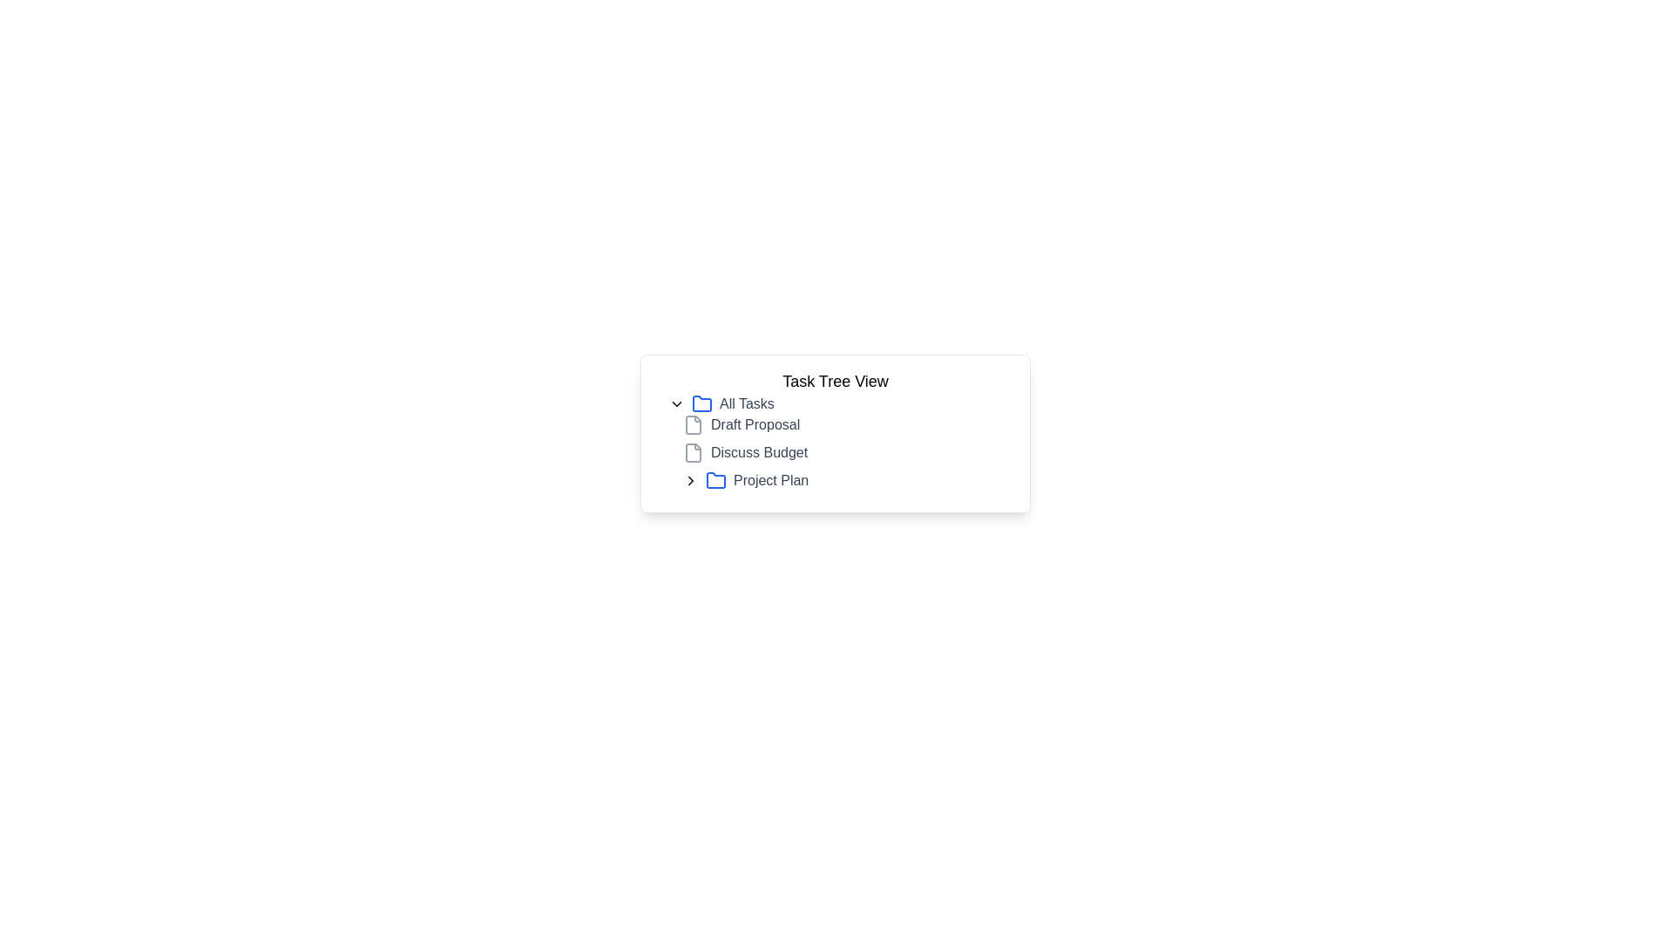  What do you see at coordinates (759, 452) in the screenshot?
I see `the content associated with the third text label under the 'All Tasks' node in the 'Task Tree View'` at bounding box center [759, 452].